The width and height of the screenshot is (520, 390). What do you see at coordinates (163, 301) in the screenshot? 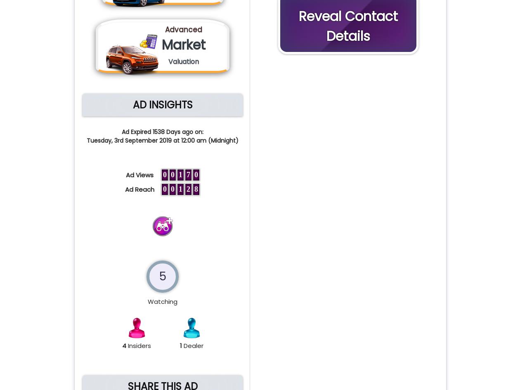
I see `'Watching'` at bounding box center [163, 301].